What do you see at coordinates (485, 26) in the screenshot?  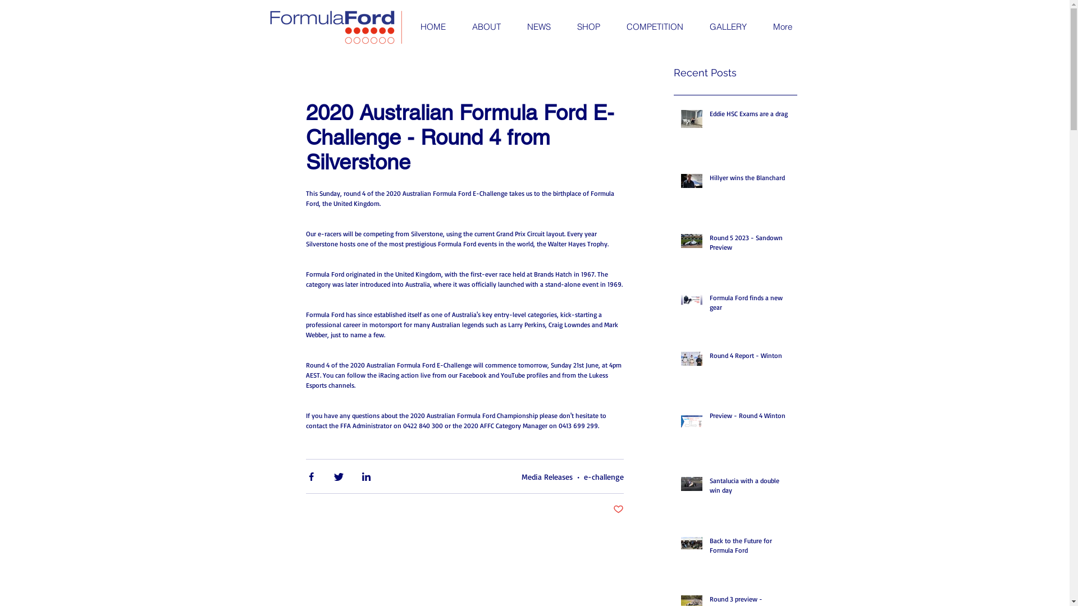 I see `'ABOUT'` at bounding box center [485, 26].